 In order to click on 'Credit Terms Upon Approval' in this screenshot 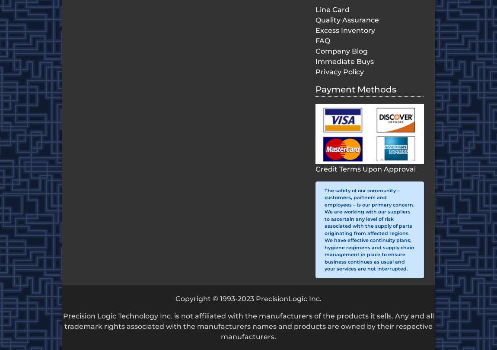, I will do `click(365, 168)`.